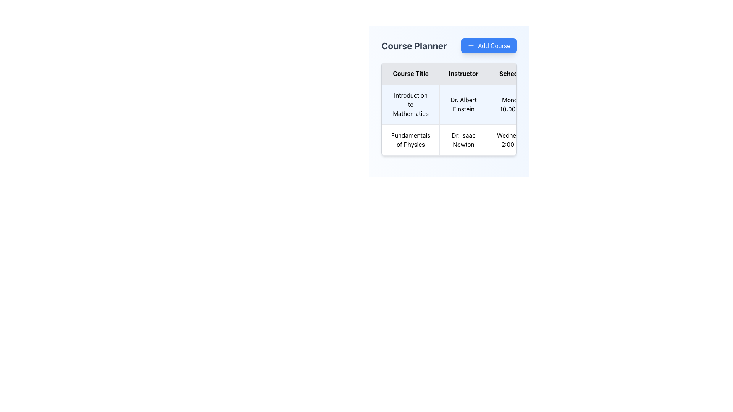  I want to click on the third column header in the Course Planner table, which indicates scheduling information and is positioned between the 'Instructor' and 'Actions' columns, so click(513, 74).